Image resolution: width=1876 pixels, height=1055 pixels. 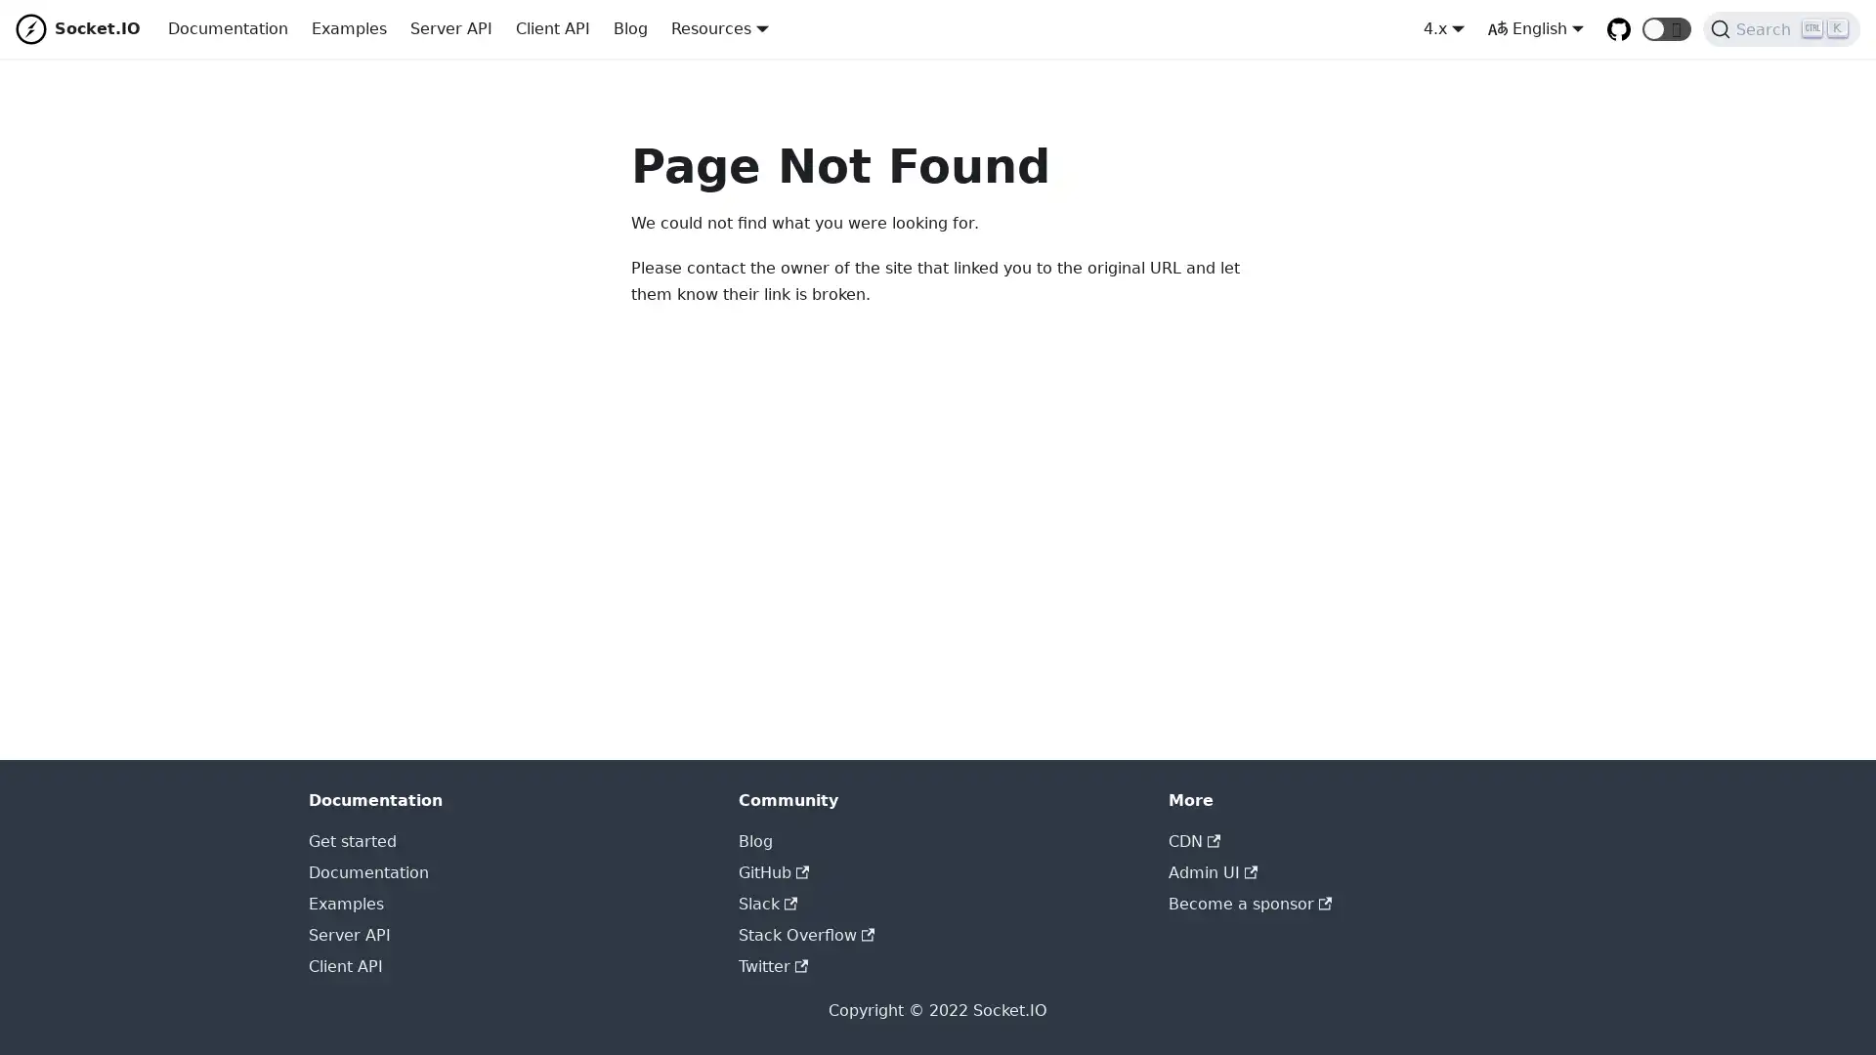 I want to click on Search, so click(x=1781, y=29).